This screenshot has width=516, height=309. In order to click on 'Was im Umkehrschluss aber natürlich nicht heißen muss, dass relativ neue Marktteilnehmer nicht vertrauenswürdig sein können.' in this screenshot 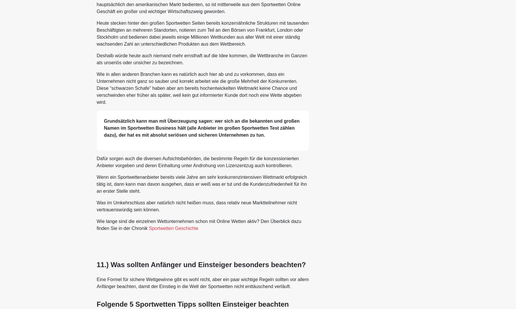, I will do `click(196, 206)`.